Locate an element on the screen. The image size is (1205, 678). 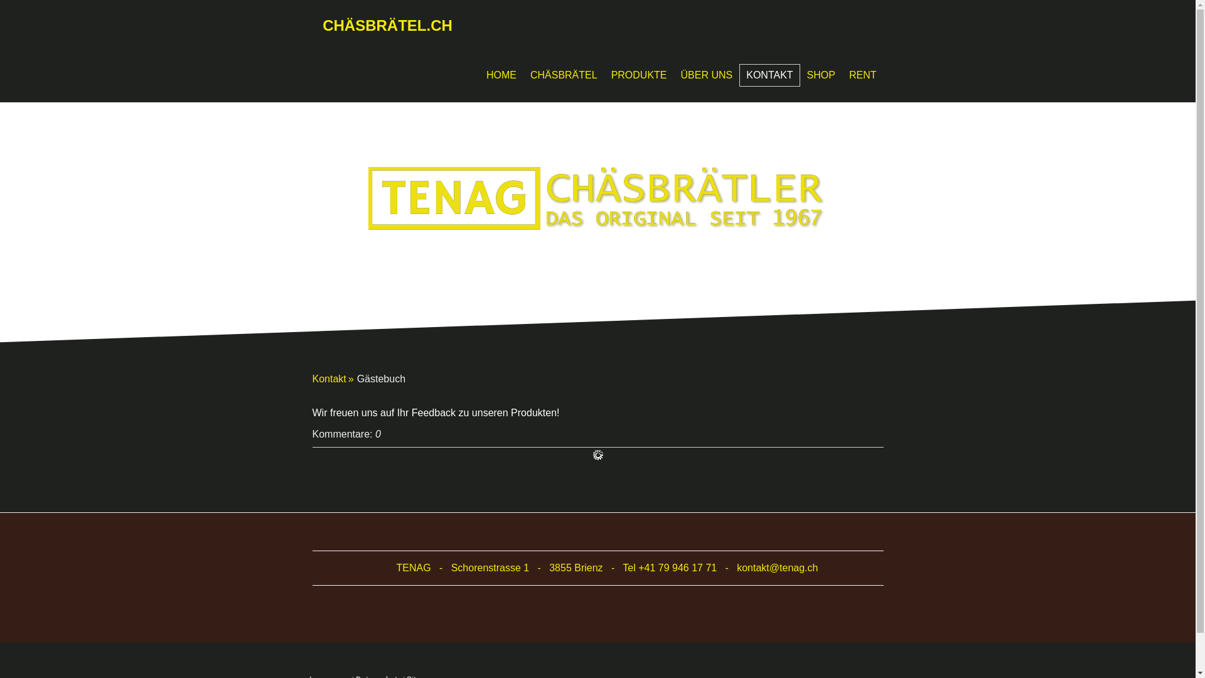
'RENT' is located at coordinates (862, 75).